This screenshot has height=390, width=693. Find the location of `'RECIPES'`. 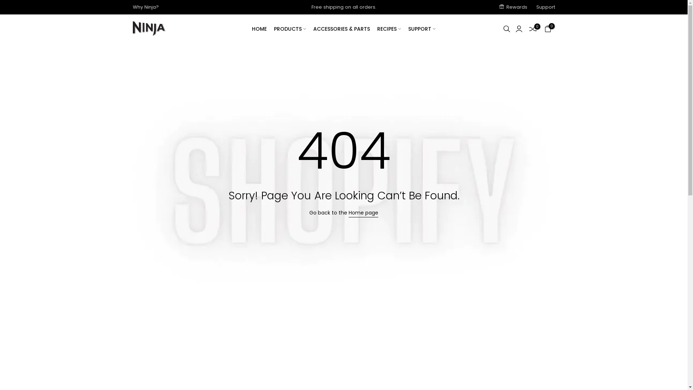

'RECIPES' is located at coordinates (374, 29).